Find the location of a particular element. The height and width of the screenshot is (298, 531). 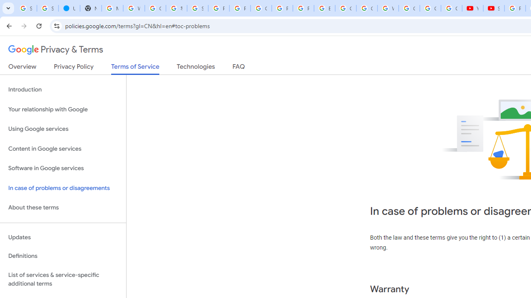

'List of services & service-specific additional terms' is located at coordinates (63, 279).